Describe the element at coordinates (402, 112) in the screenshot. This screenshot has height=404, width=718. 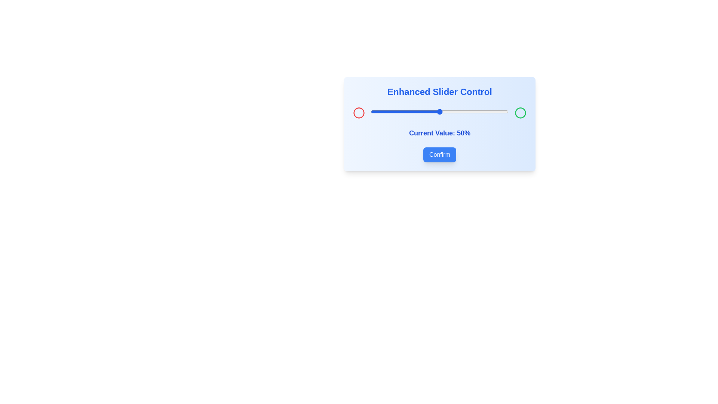
I see `the slider value` at that location.